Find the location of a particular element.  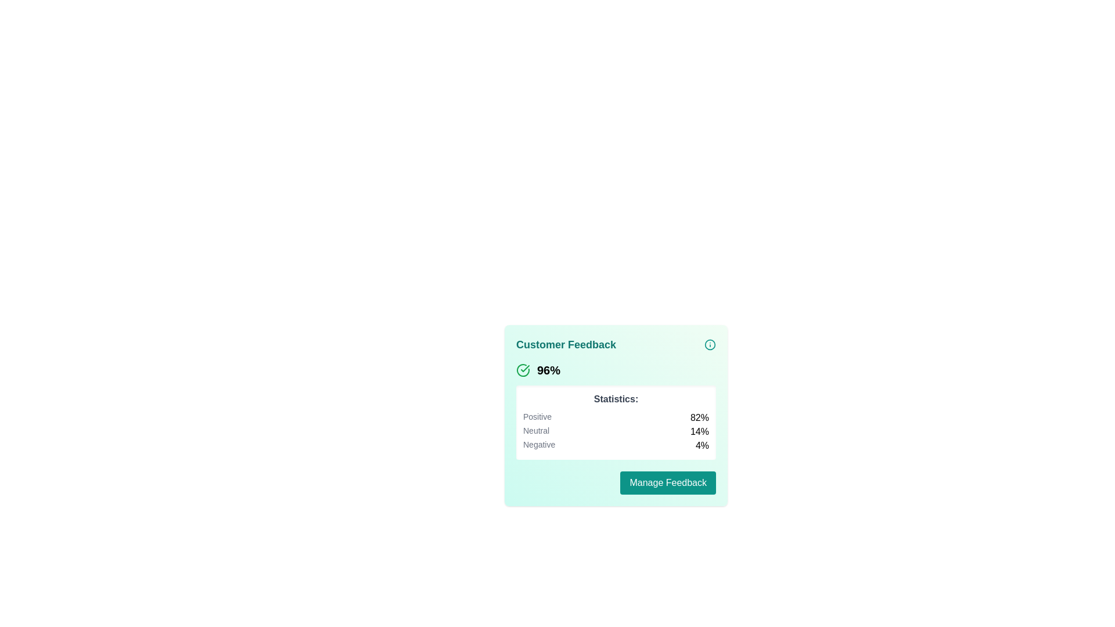

the small-sized text label displaying the word 'Negative' in gray-colored font, which is part of a flexbox layout next to the percentage value '4%' is located at coordinates (538, 445).